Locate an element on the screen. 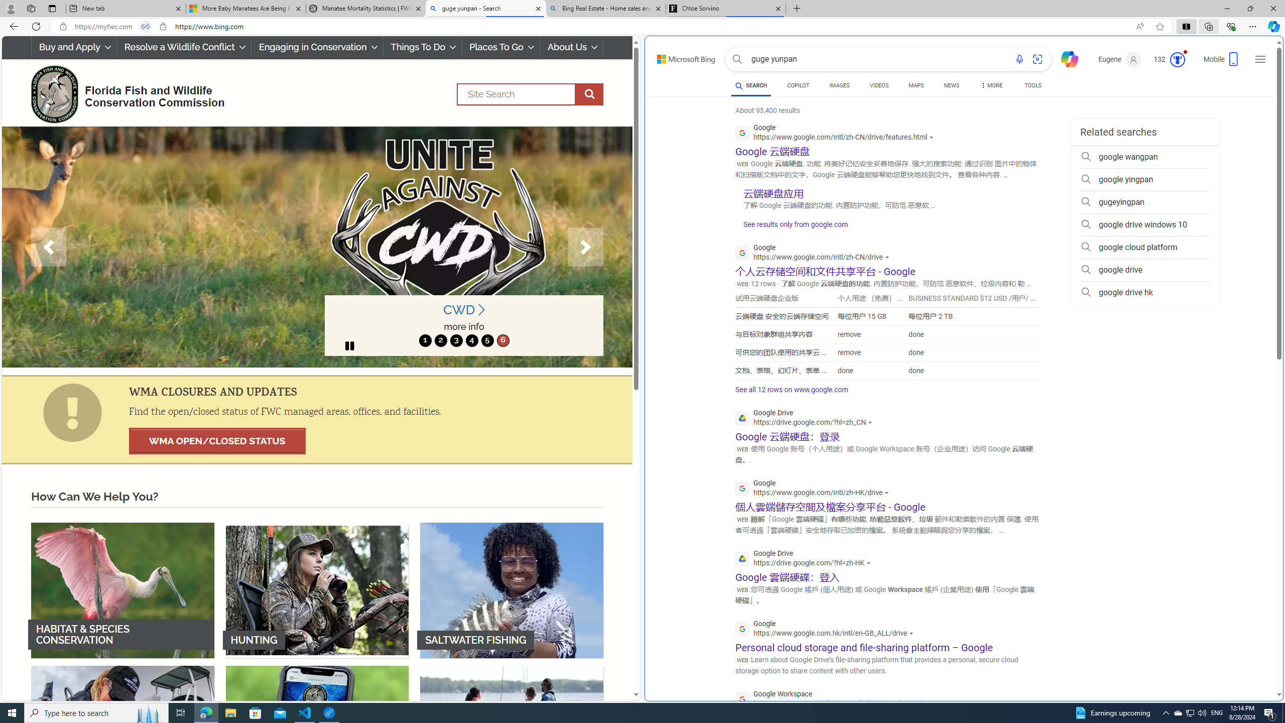 This screenshot has width=1285, height=723. 'FWC Logo' is located at coordinates (54, 94).